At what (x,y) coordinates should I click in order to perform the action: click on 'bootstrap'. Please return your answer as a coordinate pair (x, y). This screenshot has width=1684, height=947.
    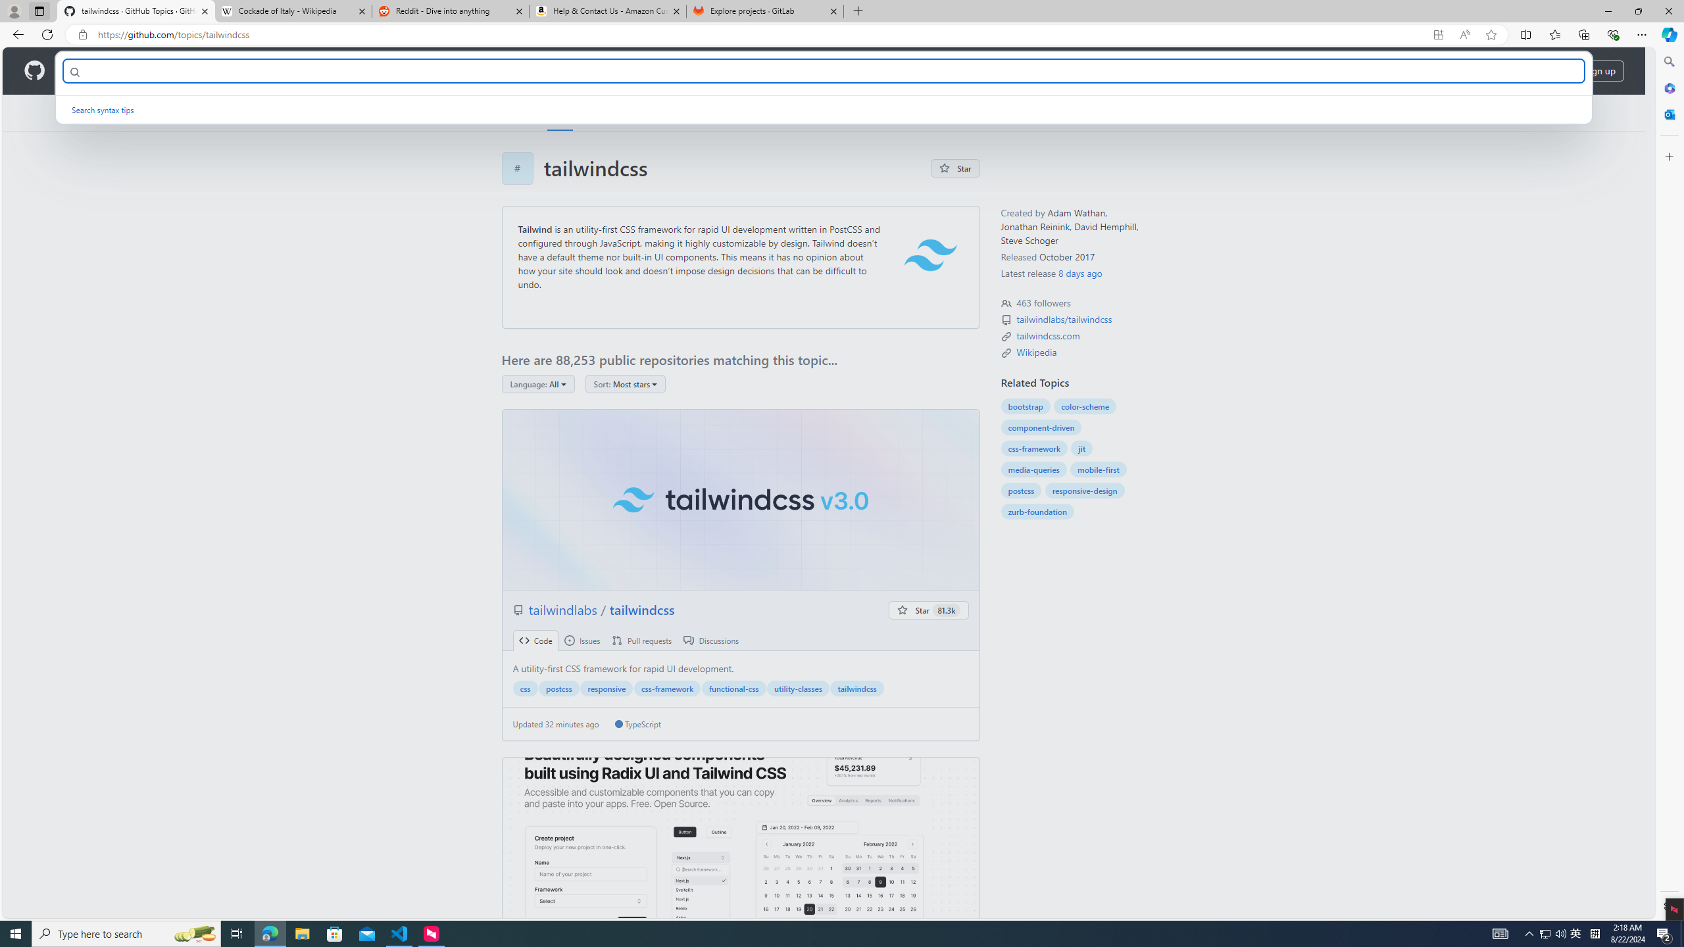
    Looking at the image, I should click on (1025, 406).